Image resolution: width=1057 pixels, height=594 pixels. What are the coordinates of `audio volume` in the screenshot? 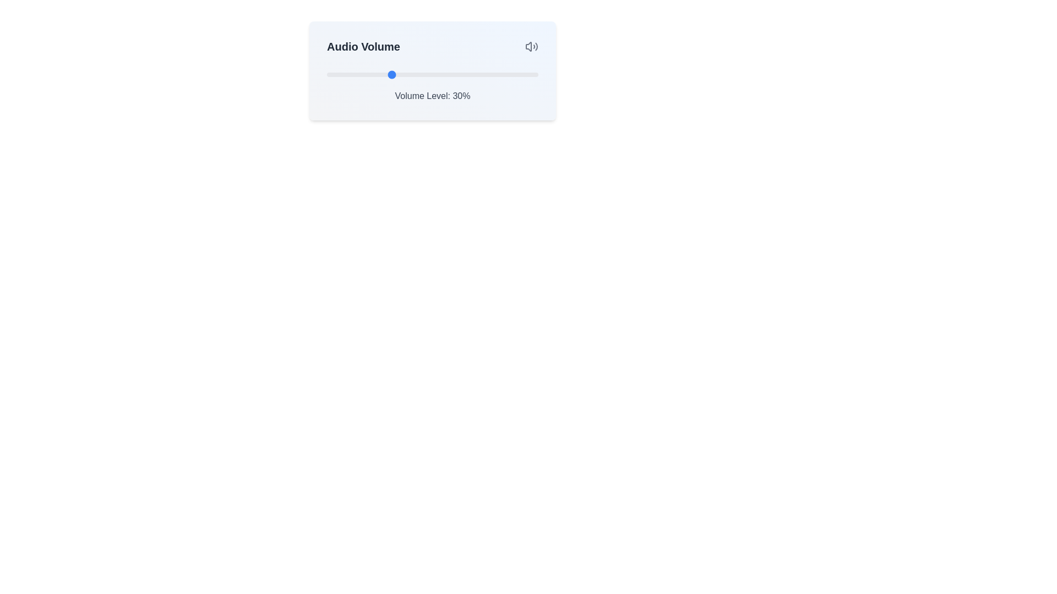 It's located at (406, 74).